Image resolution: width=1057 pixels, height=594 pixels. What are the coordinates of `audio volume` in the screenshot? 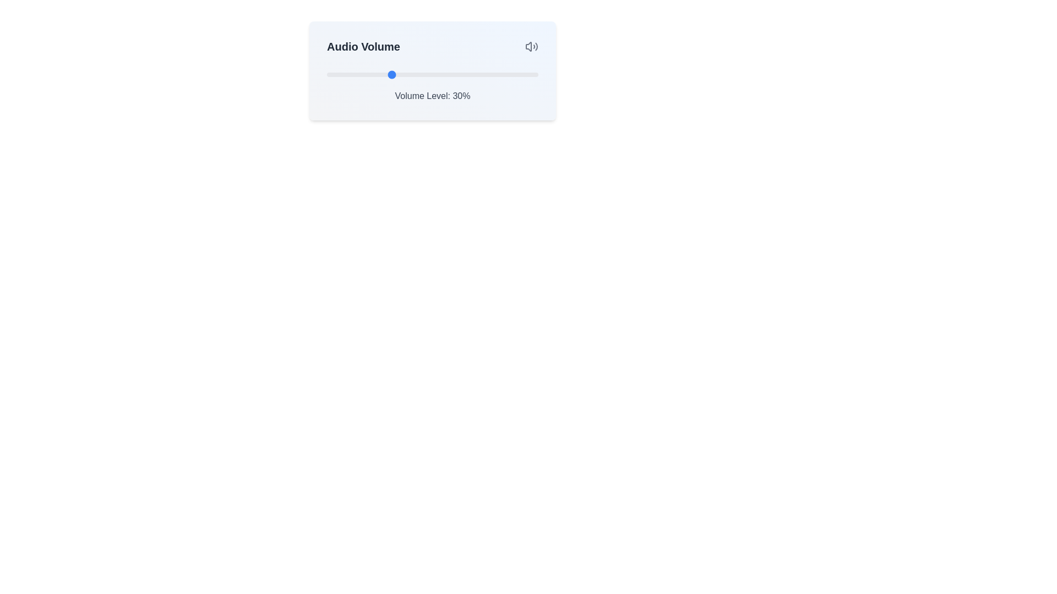 It's located at (406, 74).